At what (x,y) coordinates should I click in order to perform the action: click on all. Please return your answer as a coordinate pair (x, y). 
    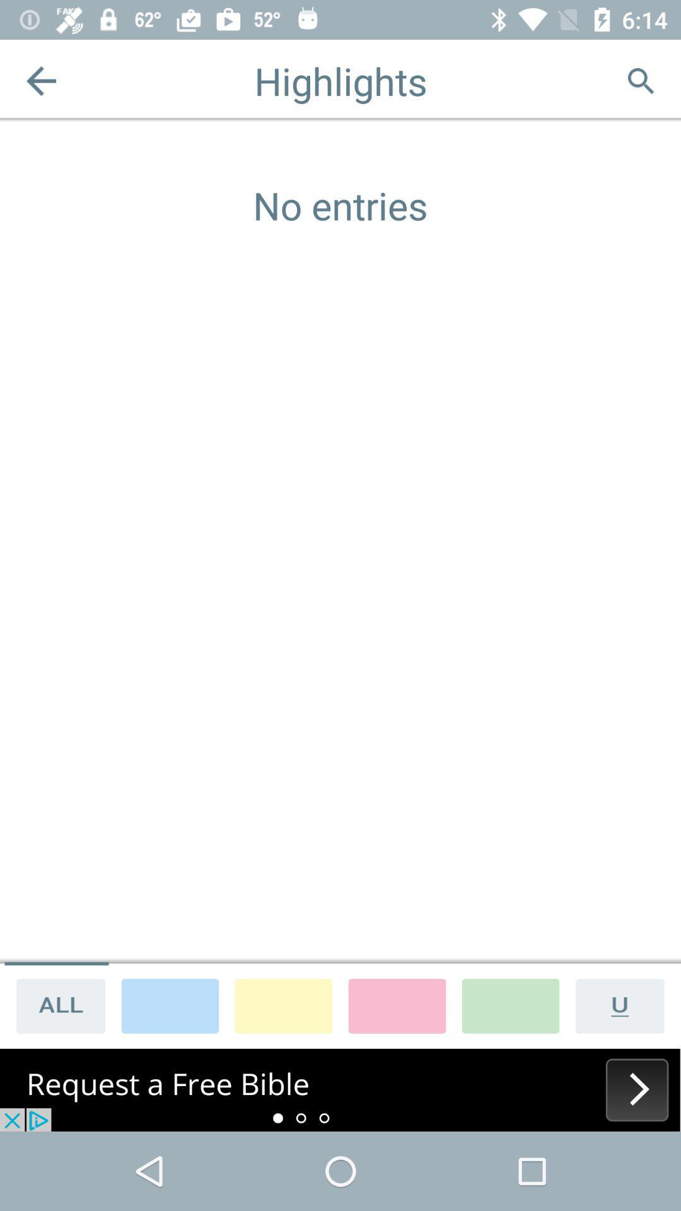
    Looking at the image, I should click on (55, 1005).